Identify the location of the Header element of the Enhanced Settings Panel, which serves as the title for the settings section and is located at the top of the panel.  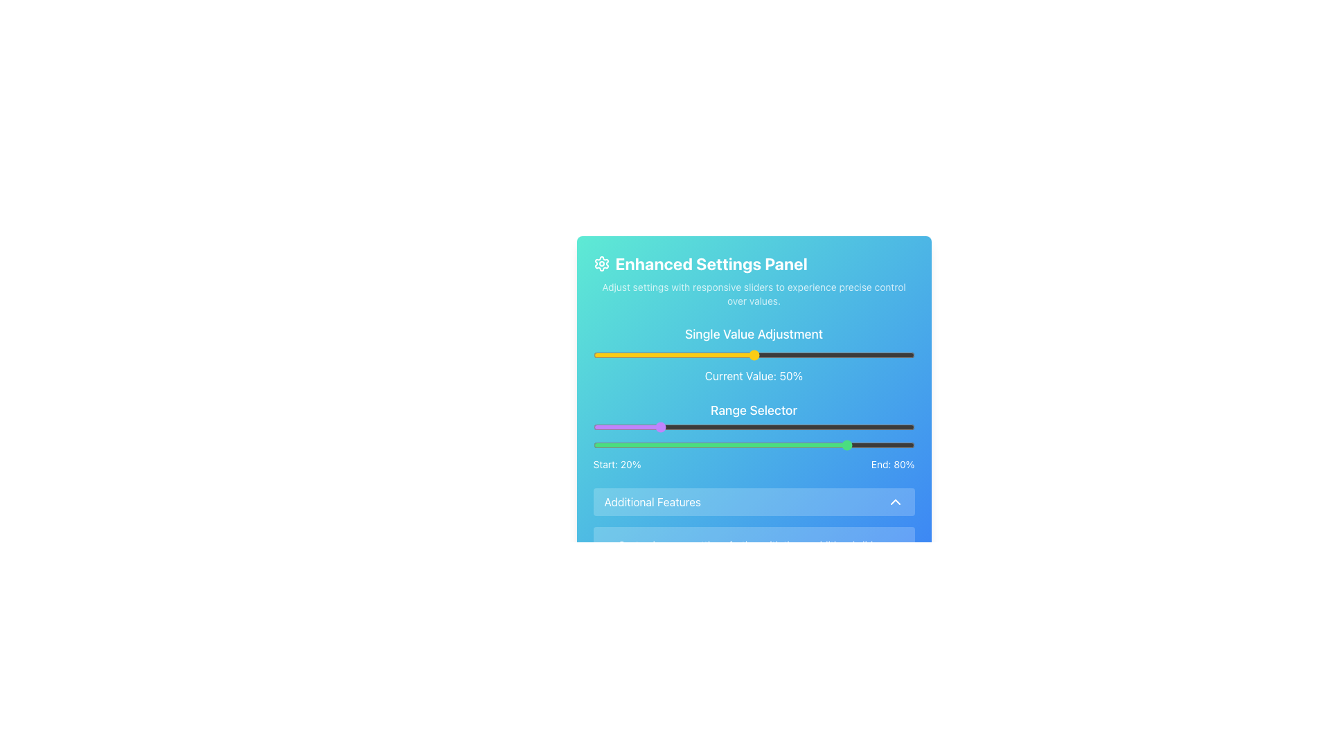
(753, 264).